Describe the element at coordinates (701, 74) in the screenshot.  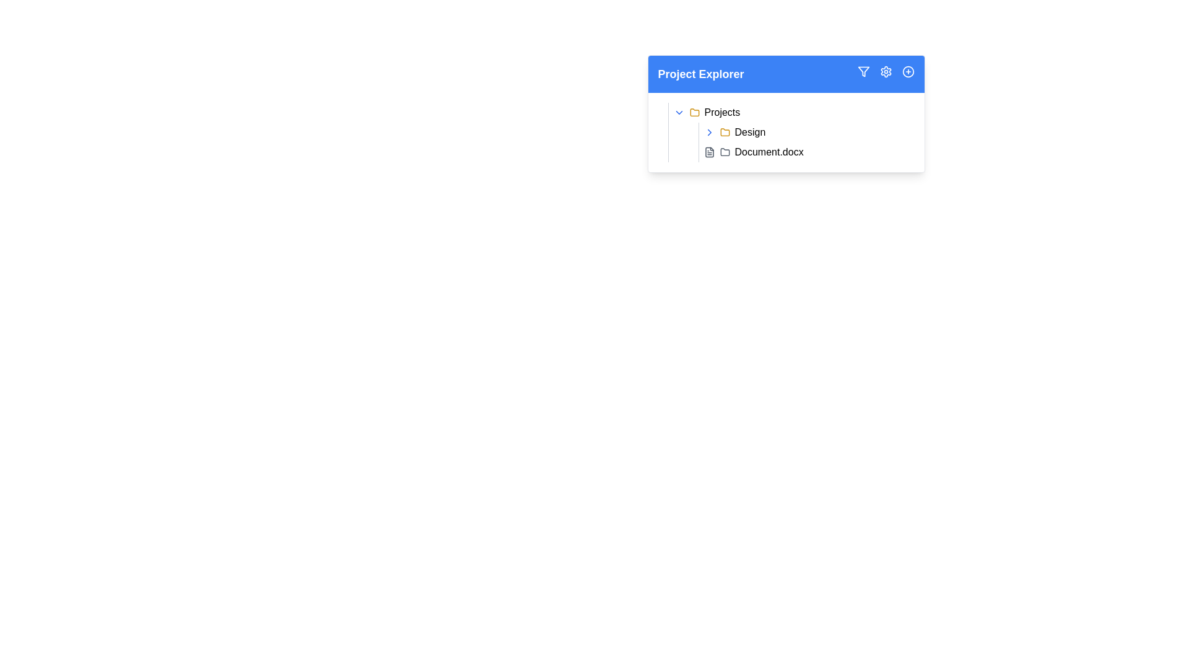
I see `the bold textual header labeled 'Project Explorer' located at the top middle of the blue header bar` at that location.